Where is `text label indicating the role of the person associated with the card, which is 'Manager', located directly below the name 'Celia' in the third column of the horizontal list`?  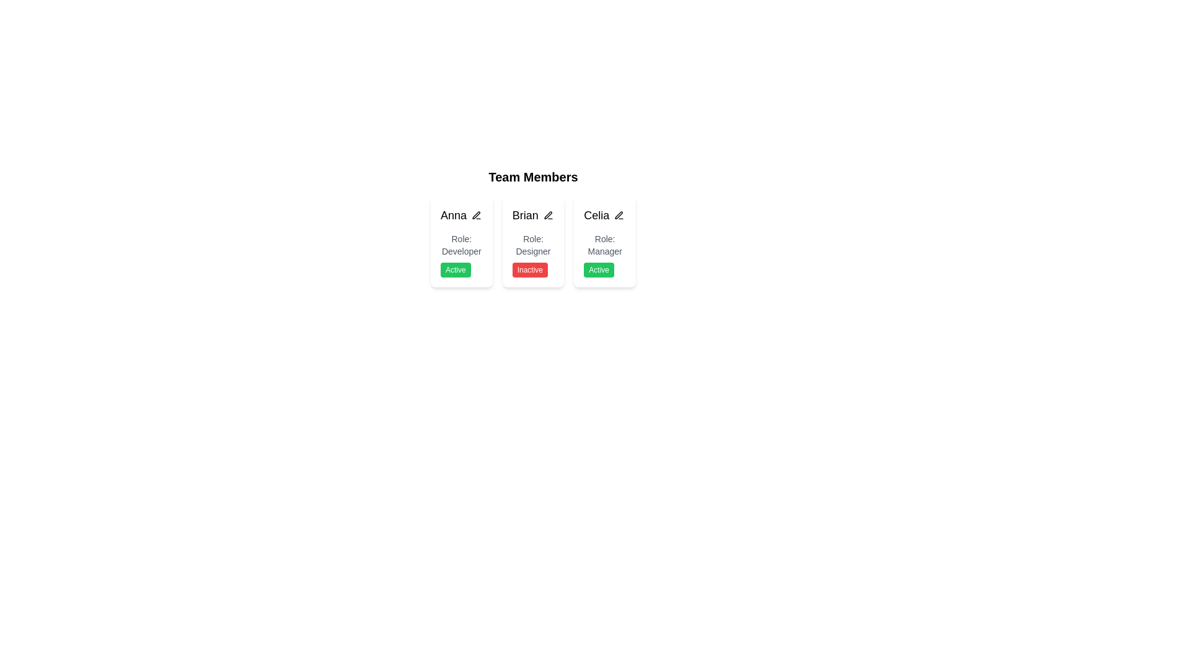 text label indicating the role of the person associated with the card, which is 'Manager', located directly below the name 'Celia' in the third column of the horizontal list is located at coordinates (605, 245).